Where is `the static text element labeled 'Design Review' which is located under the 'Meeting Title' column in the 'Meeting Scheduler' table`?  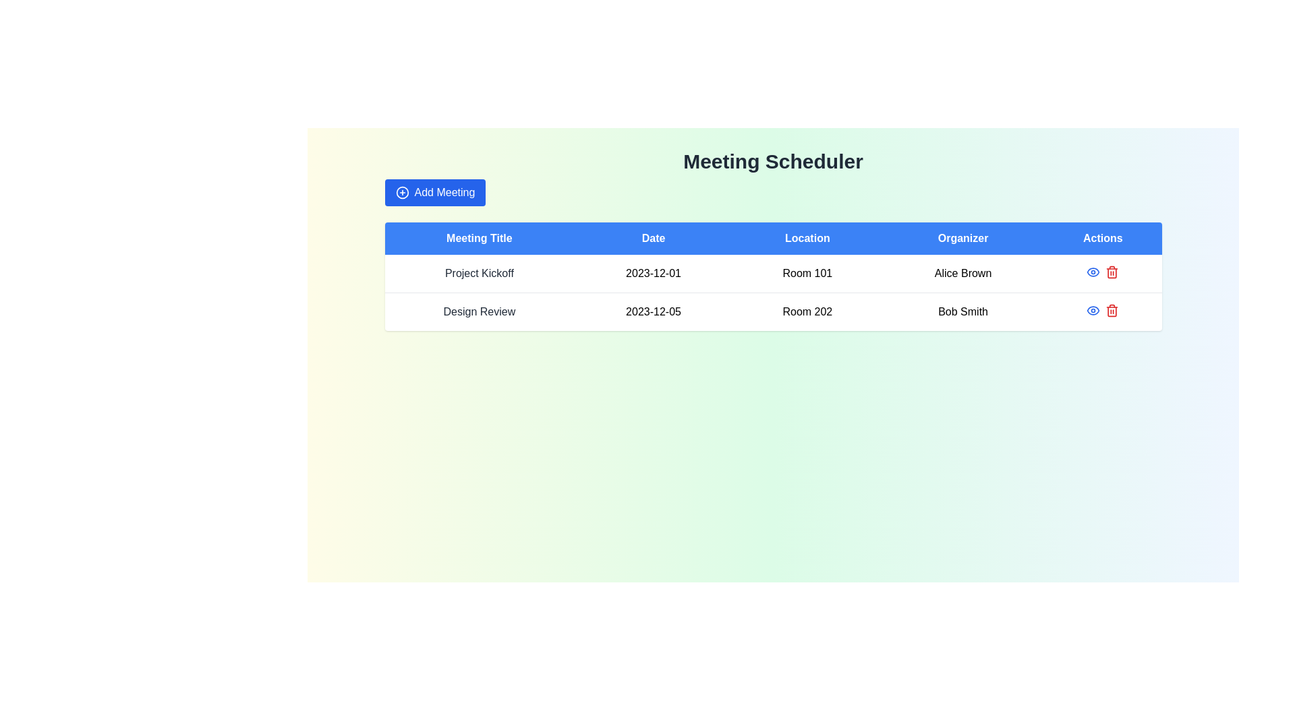 the static text element labeled 'Design Review' which is located under the 'Meeting Title' column in the 'Meeting Scheduler' table is located at coordinates (479, 311).